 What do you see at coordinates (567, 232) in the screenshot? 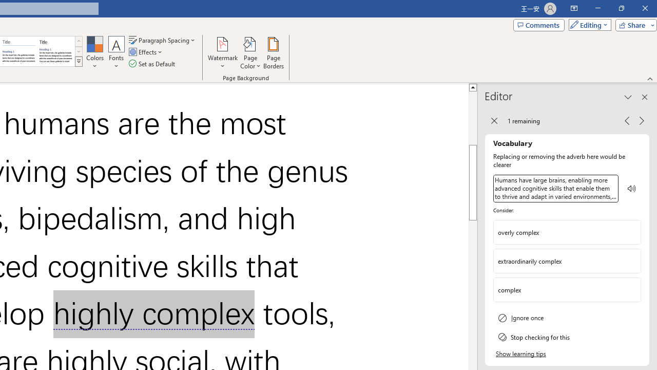
I see `'overly complex'` at bounding box center [567, 232].